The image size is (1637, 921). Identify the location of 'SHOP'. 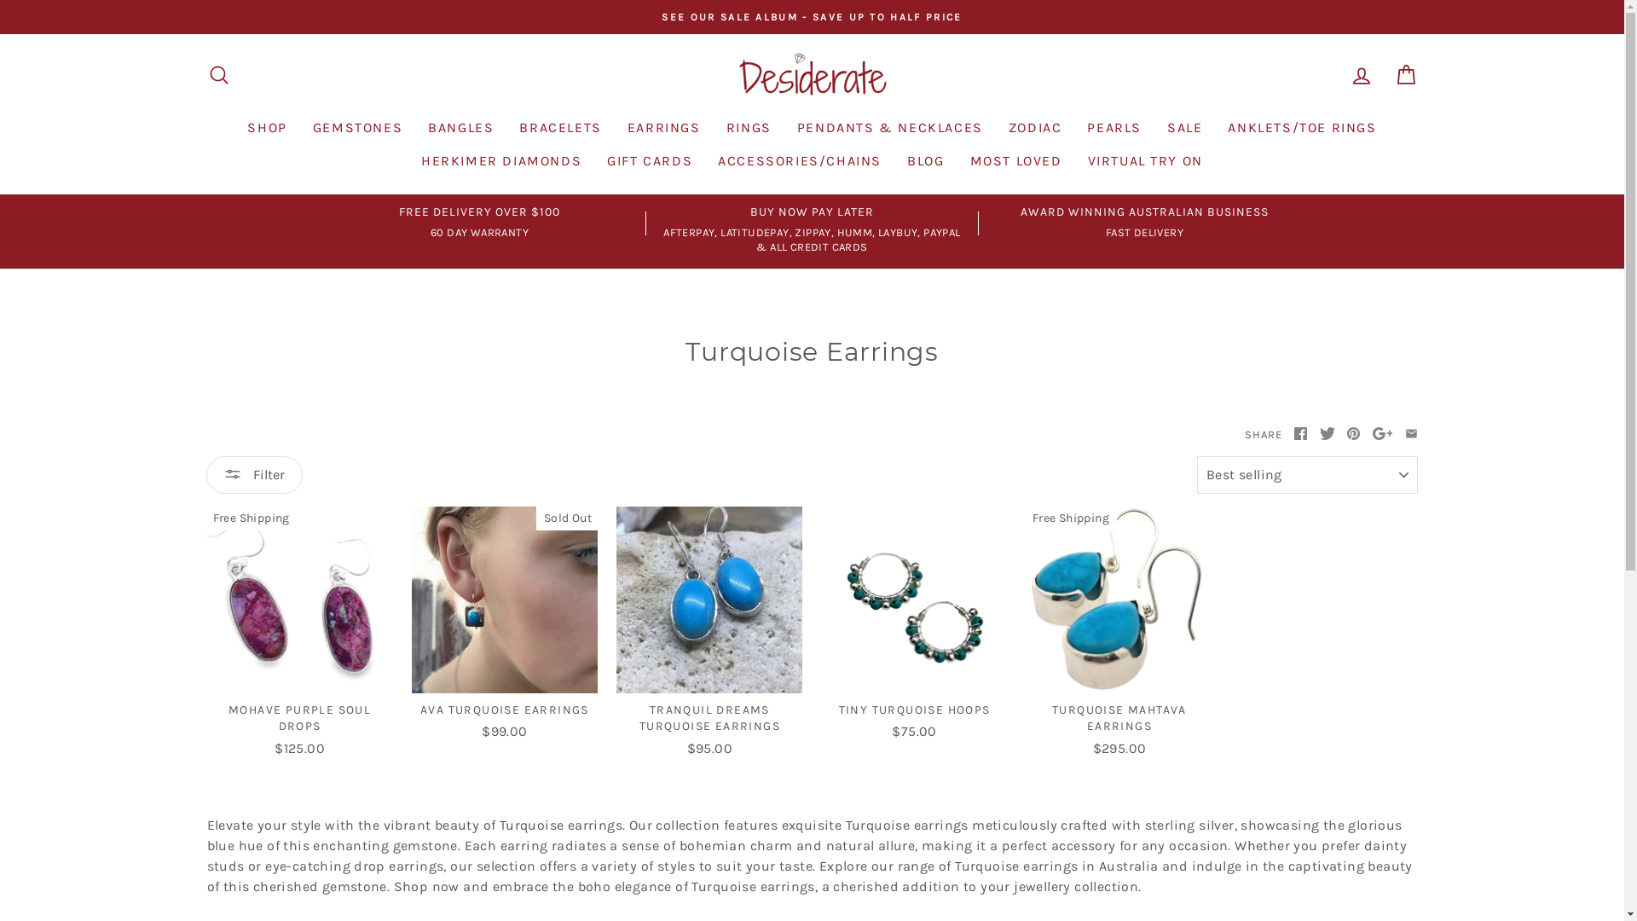
(265, 126).